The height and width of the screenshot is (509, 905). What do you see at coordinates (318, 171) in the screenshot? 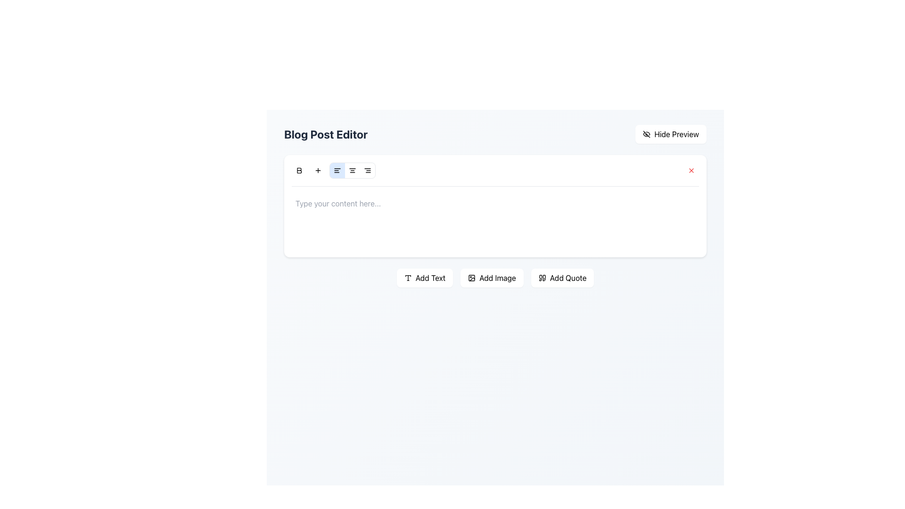
I see `the '+' button in the toolbar of the 'Blog Post Editor'` at bounding box center [318, 171].